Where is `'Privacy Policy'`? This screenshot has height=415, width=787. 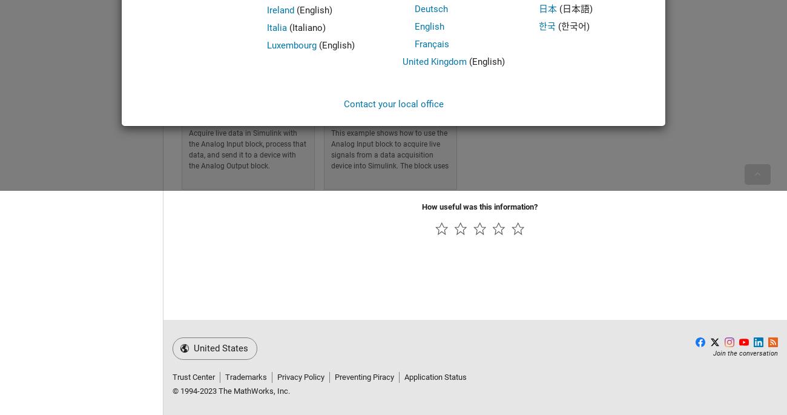
'Privacy Policy' is located at coordinates (300, 377).